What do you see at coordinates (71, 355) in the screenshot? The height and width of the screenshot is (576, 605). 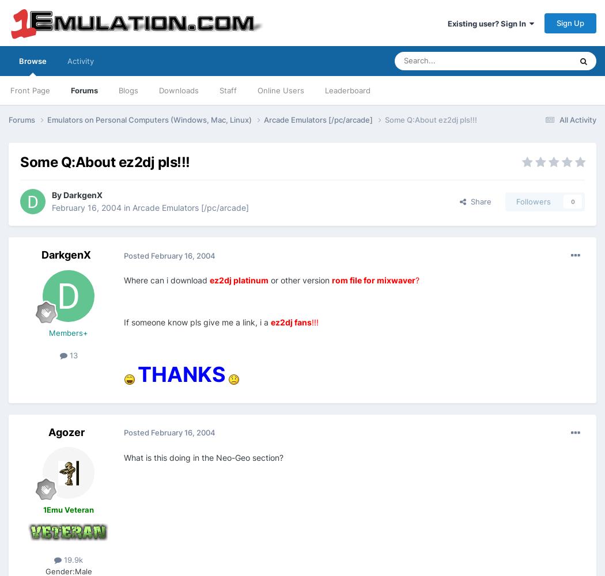 I see `'13'` at bounding box center [71, 355].